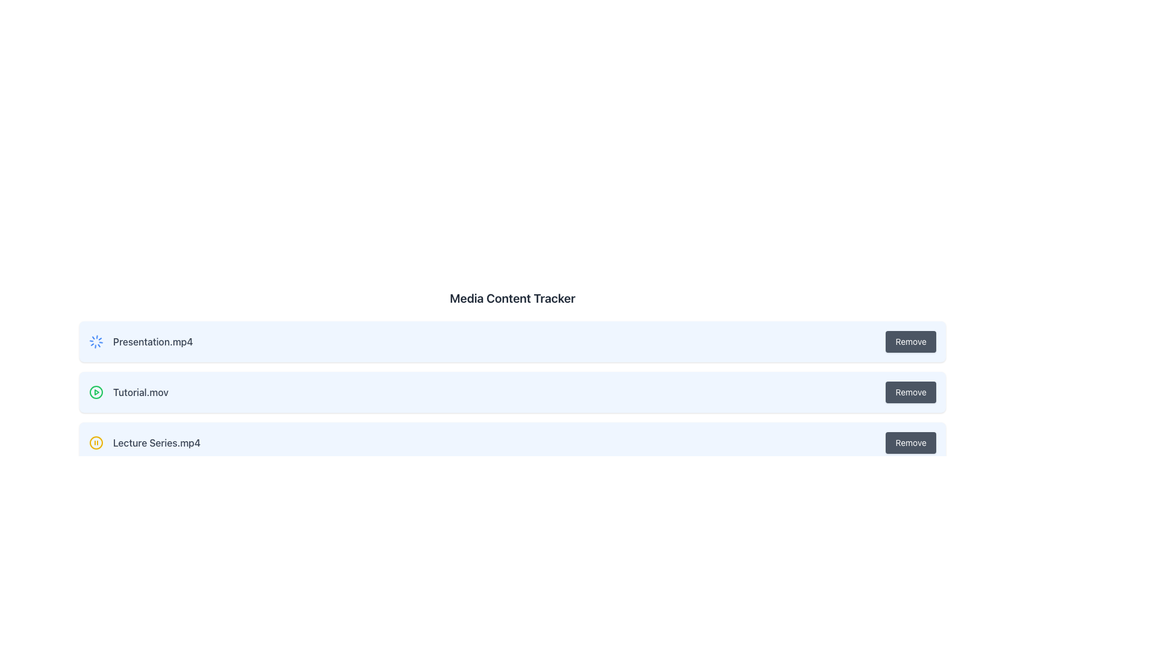 The width and height of the screenshot is (1156, 650). Describe the element at coordinates (911, 341) in the screenshot. I see `the 'Remove' button with a dark gray background and white text to observe any hover effect` at that location.